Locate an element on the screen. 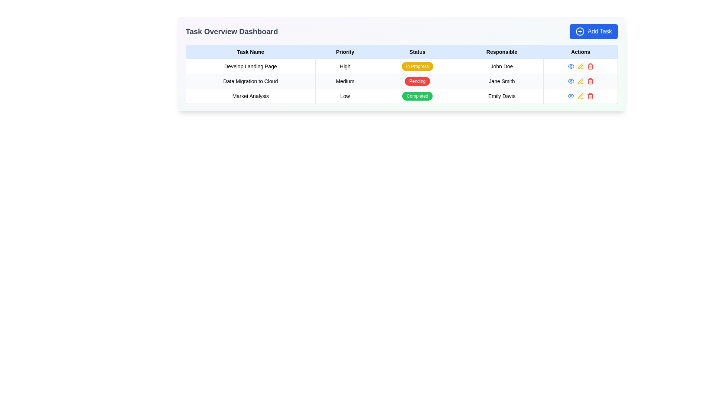 This screenshot has width=713, height=401. the static text label displaying 'John Doe' in the 'Responsible' column of the table for the task 'Develop Landing Page' is located at coordinates (502, 66).